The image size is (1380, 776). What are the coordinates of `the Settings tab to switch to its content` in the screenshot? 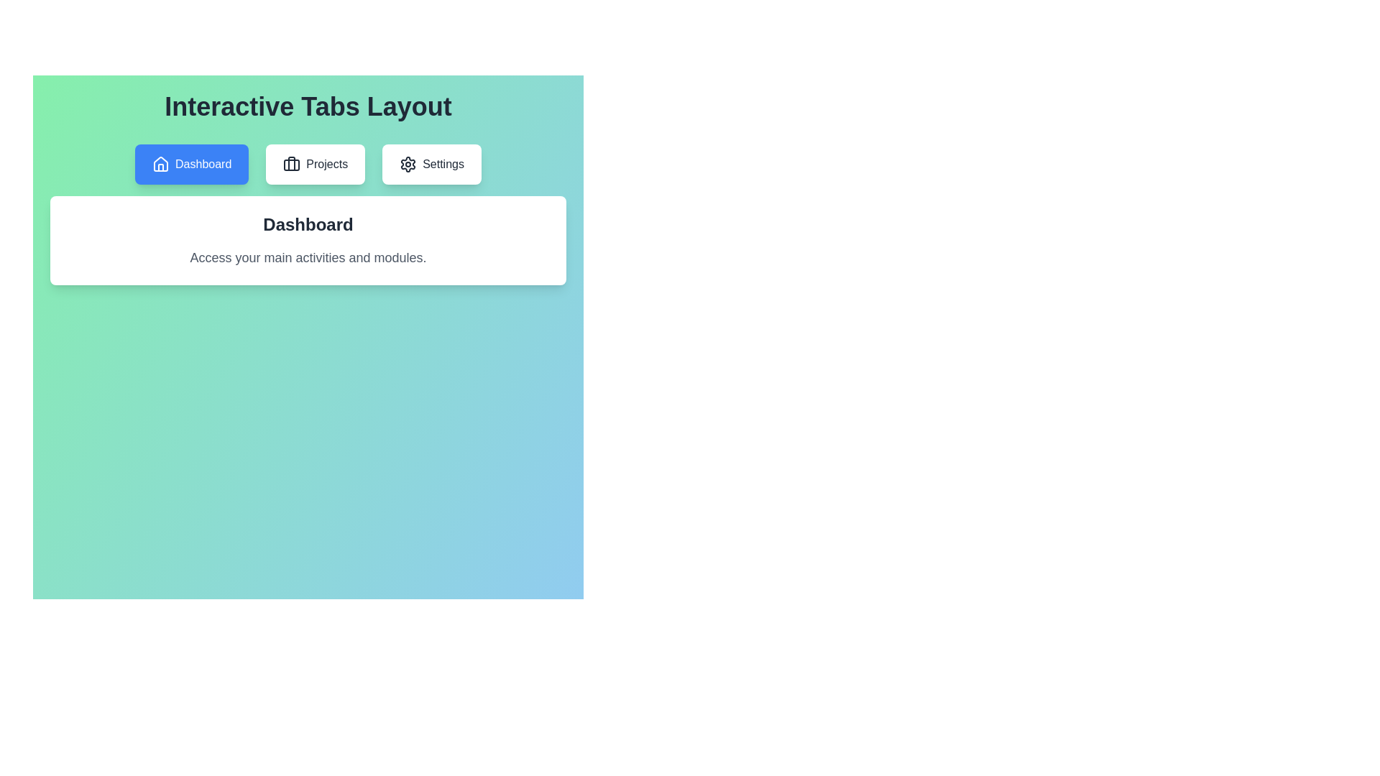 It's located at (431, 163).